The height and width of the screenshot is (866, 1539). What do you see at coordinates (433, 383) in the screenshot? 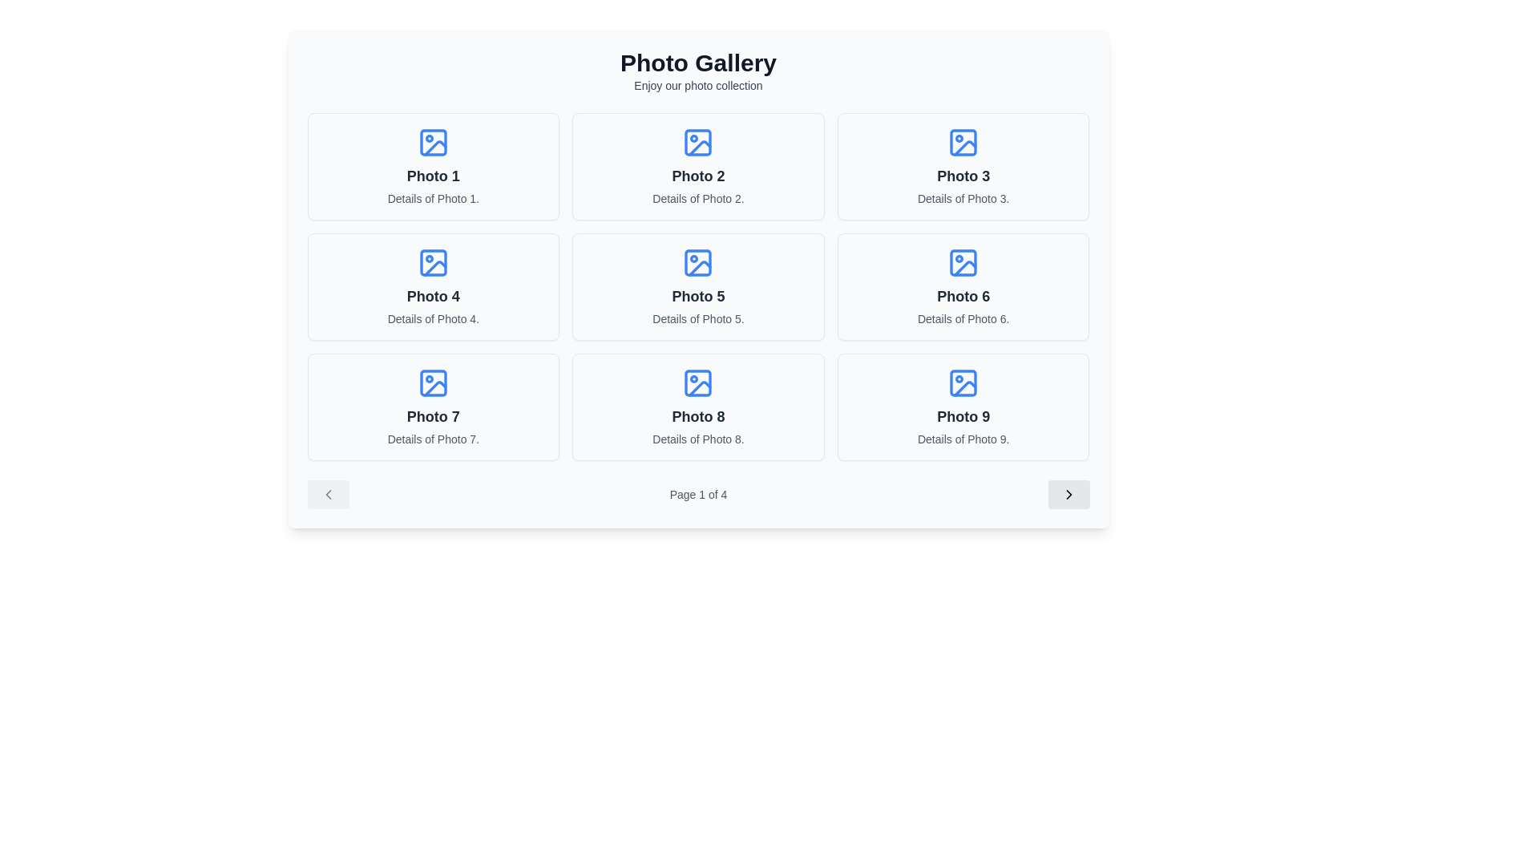
I see `the image icon with a blue outline located above the text 'Photo 7' in the 'Photo 7' card` at bounding box center [433, 383].